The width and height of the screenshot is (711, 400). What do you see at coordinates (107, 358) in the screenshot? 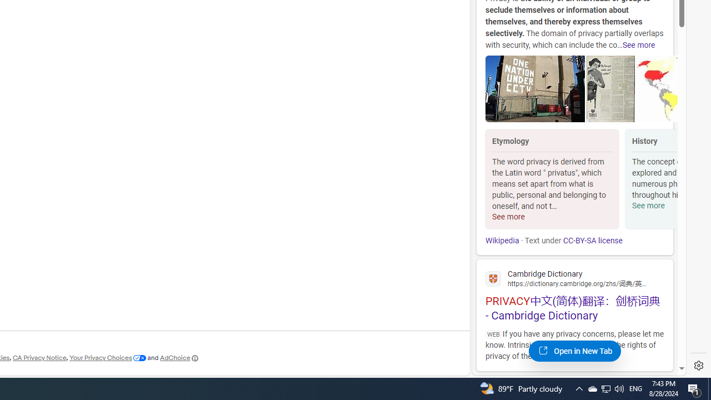
I see `'Your Privacy Choices'` at bounding box center [107, 358].